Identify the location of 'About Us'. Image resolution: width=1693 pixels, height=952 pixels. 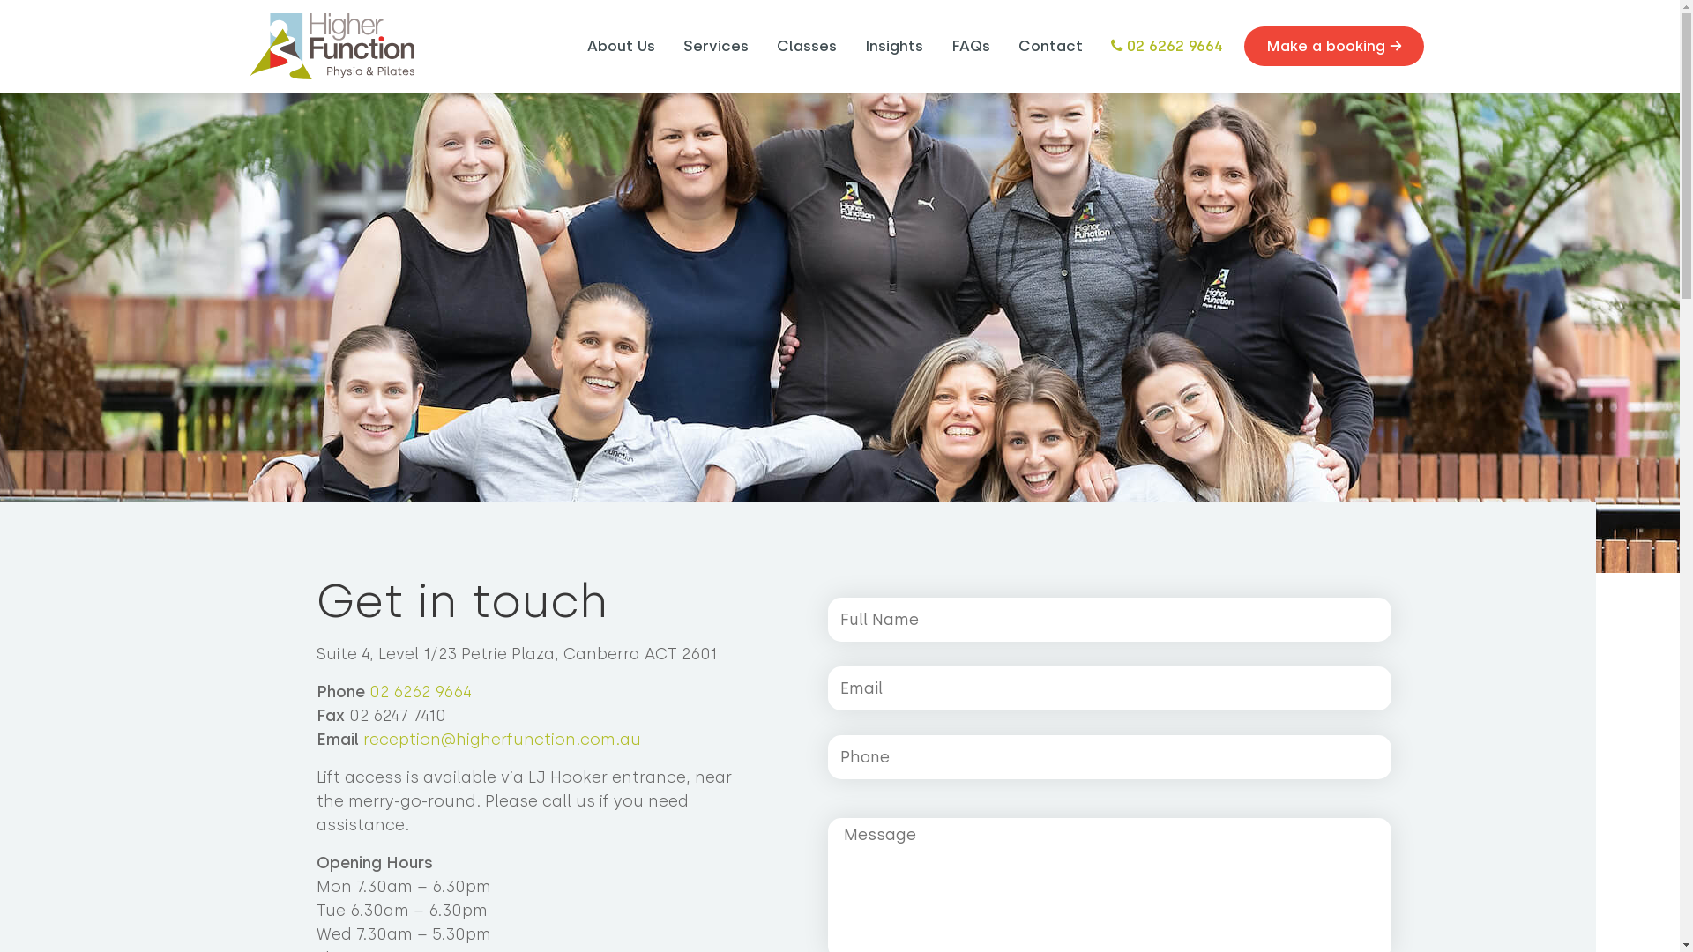
(621, 46).